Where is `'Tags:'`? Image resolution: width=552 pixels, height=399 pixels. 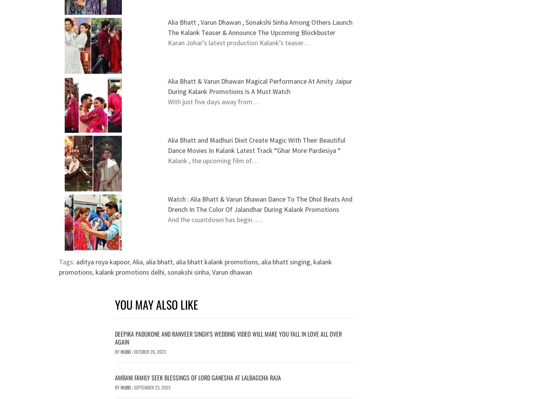
'Tags:' is located at coordinates (67, 262).